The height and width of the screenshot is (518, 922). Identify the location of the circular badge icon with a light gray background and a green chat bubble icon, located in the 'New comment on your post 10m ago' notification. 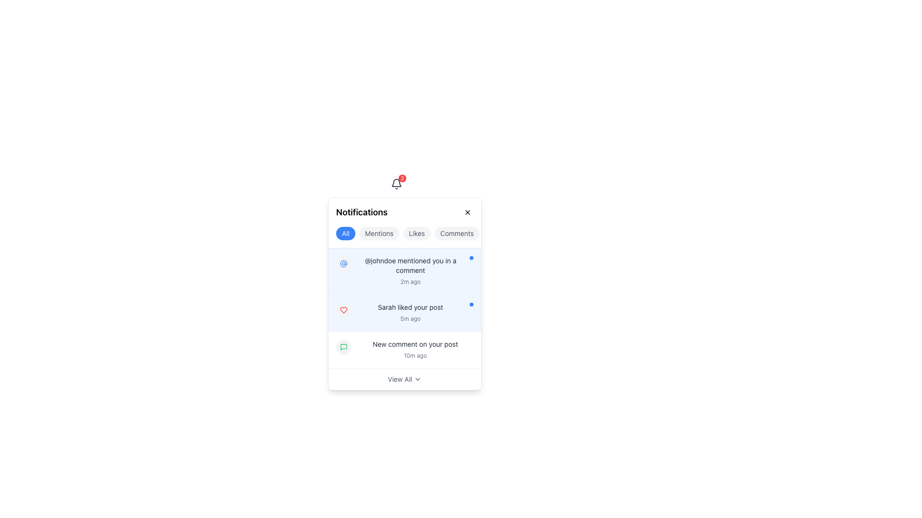
(343, 347).